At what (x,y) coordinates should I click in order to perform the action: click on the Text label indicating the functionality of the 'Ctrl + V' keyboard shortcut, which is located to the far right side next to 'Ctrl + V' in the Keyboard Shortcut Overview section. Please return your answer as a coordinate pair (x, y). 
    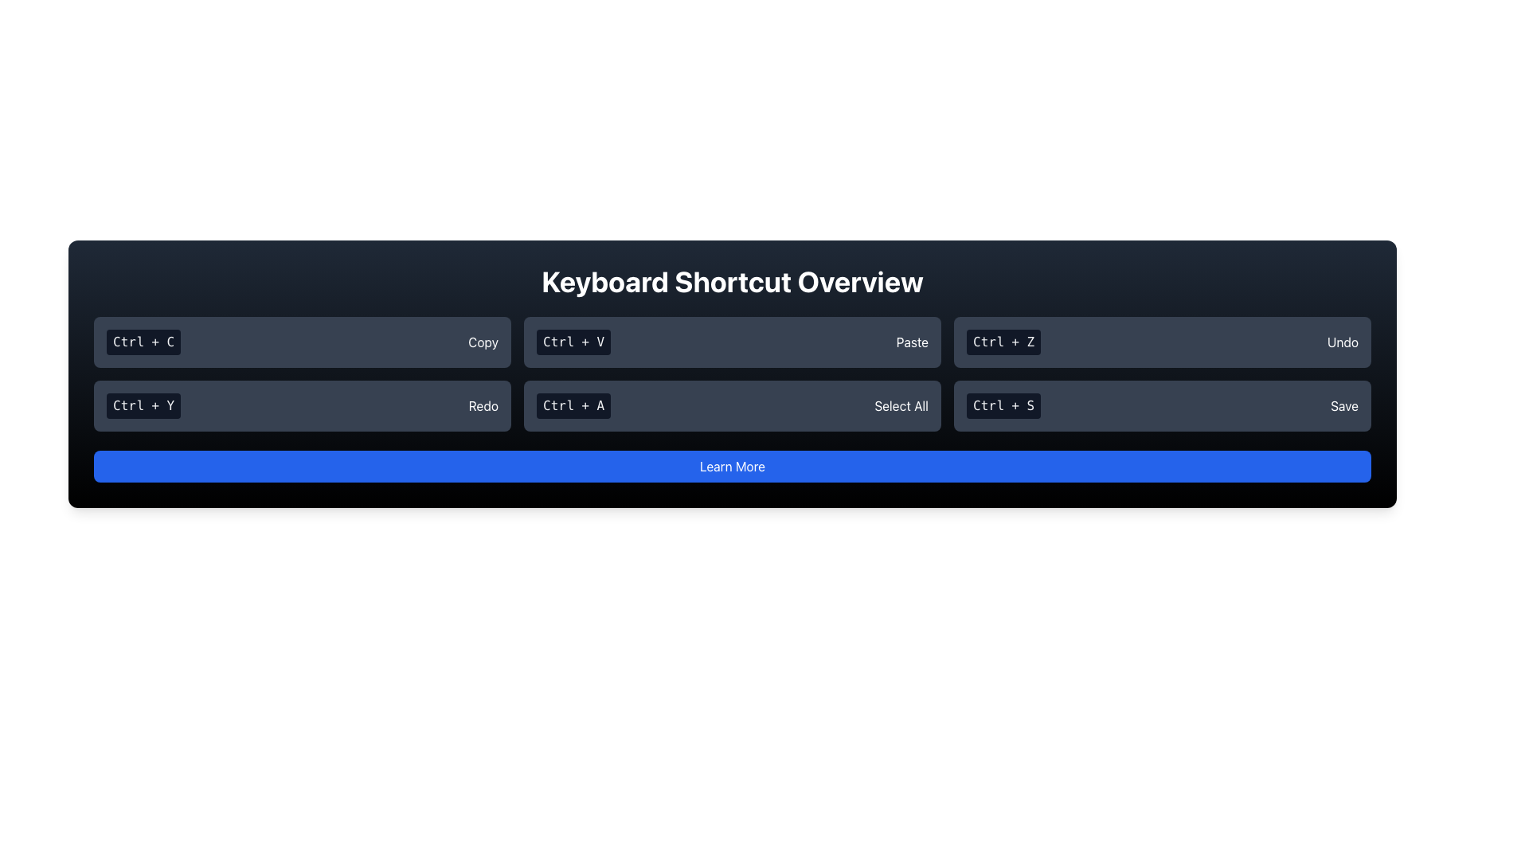
    Looking at the image, I should click on (912, 341).